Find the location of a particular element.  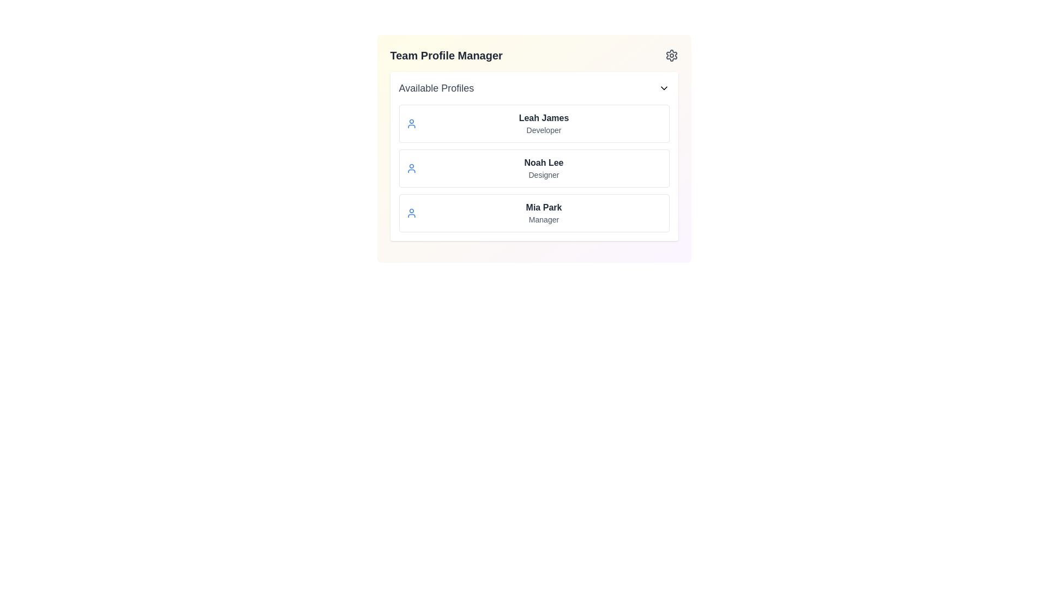

the label displaying the name 'Noah Lee', which is styled in bold gray text and located in the second profile entry is located at coordinates (544, 163).